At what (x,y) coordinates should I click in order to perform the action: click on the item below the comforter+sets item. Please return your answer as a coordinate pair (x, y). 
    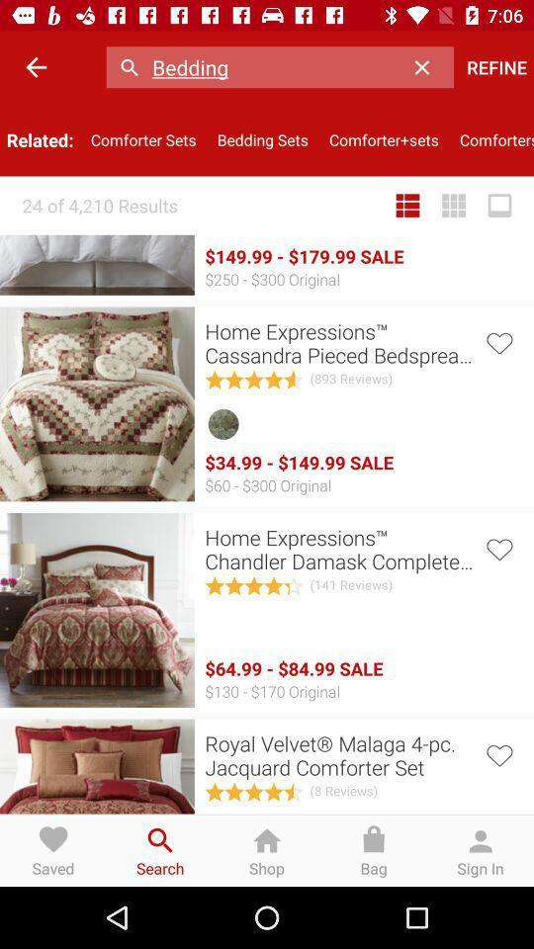
    Looking at the image, I should click on (454, 206).